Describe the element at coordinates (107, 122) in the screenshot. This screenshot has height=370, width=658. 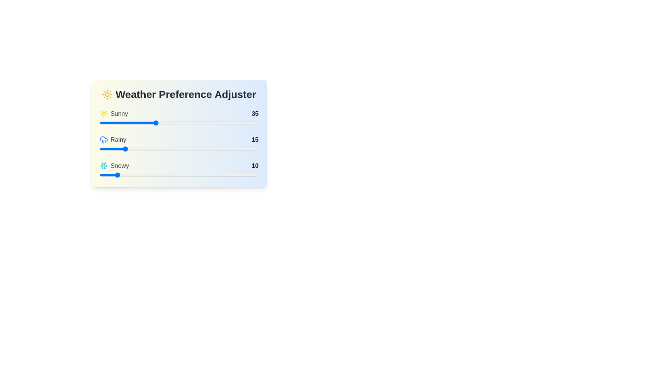
I see `the 'Sunny' slider to the specified value 5` at that location.